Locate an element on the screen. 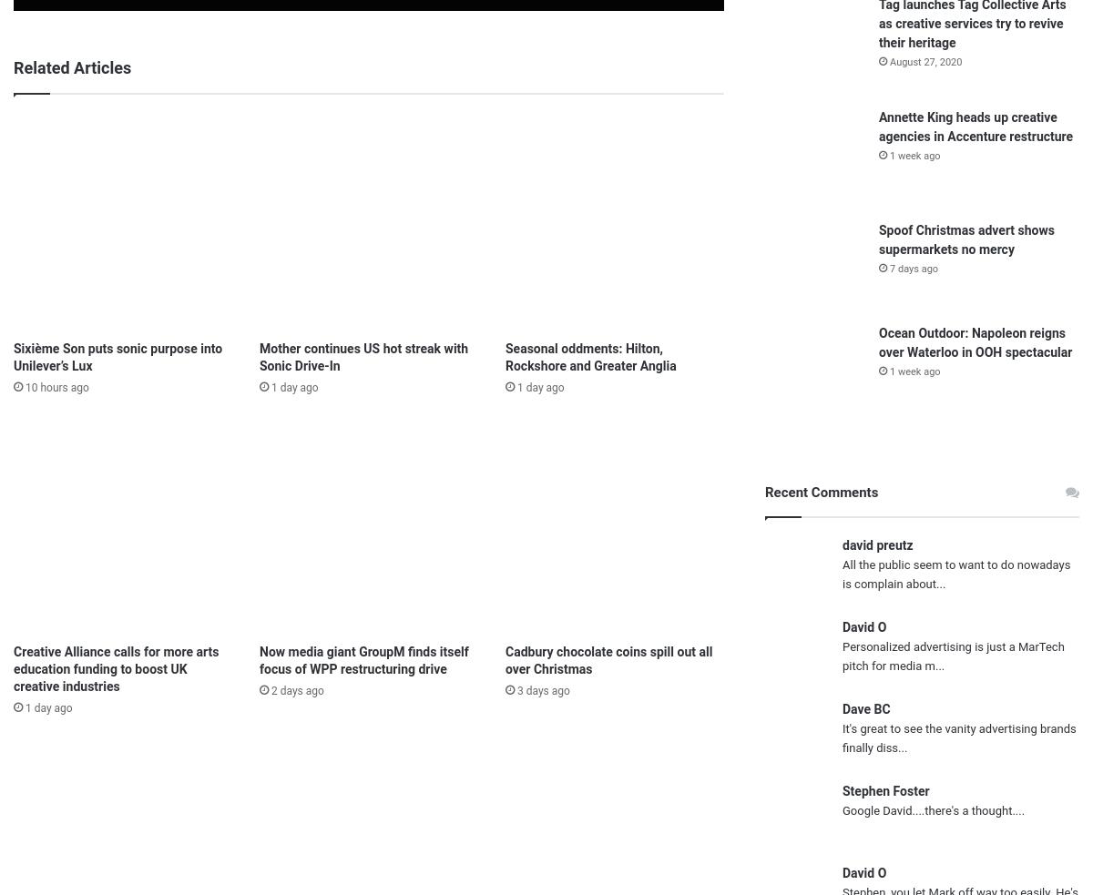  'Dave BC' is located at coordinates (866, 707).